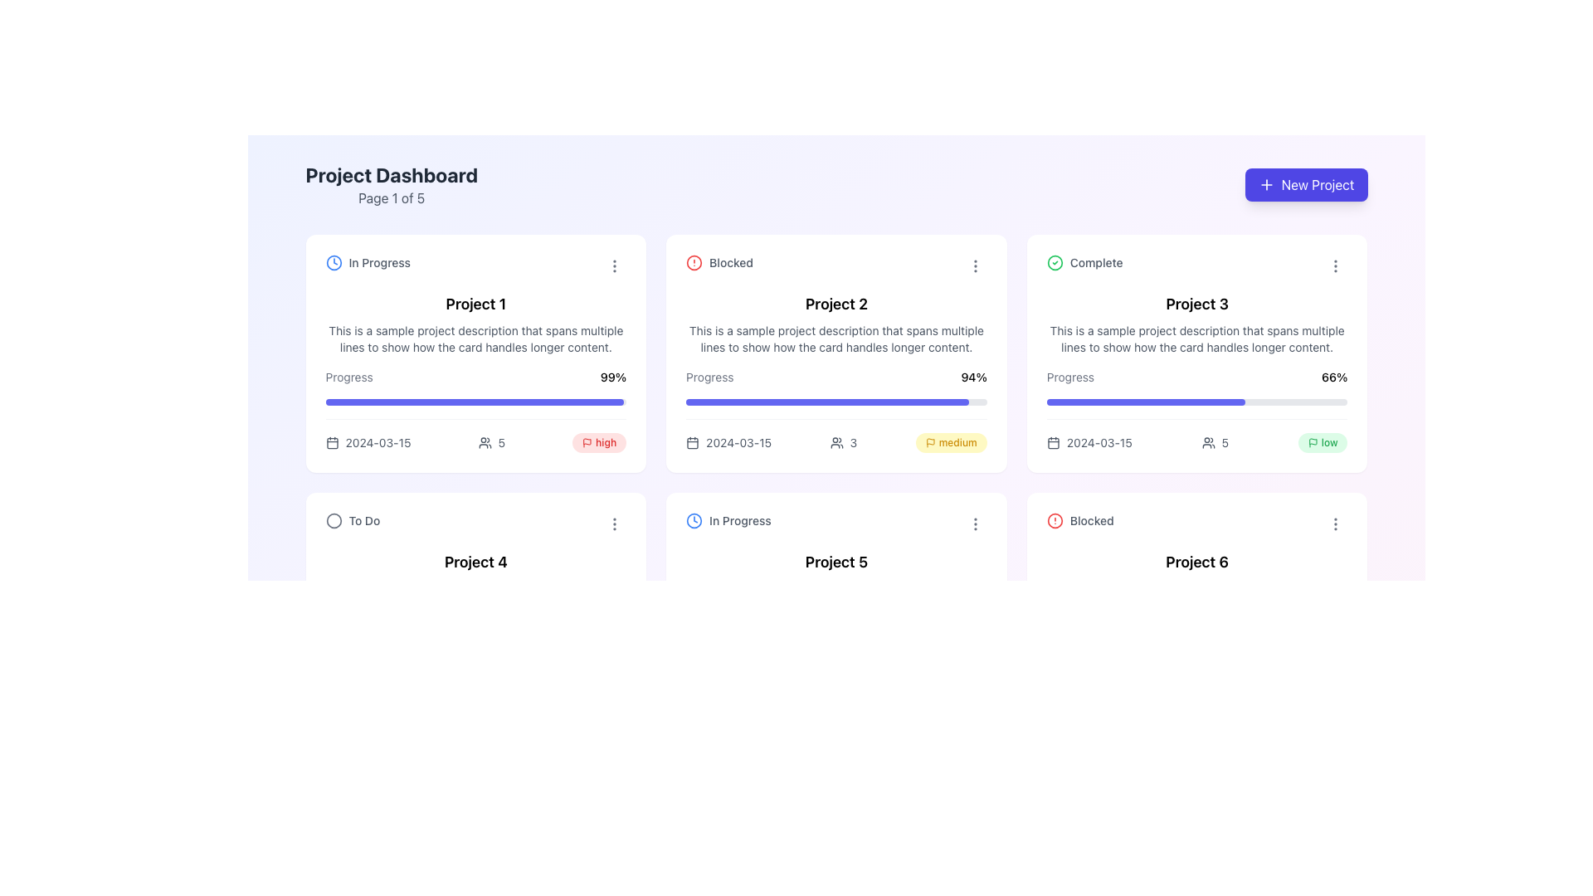 The width and height of the screenshot is (1593, 896). What do you see at coordinates (348, 377) in the screenshot?
I see `the 'Progress' text label, which is a small gray text component with a light font weight located above a progress bar in the project card for 'Project 1'` at bounding box center [348, 377].